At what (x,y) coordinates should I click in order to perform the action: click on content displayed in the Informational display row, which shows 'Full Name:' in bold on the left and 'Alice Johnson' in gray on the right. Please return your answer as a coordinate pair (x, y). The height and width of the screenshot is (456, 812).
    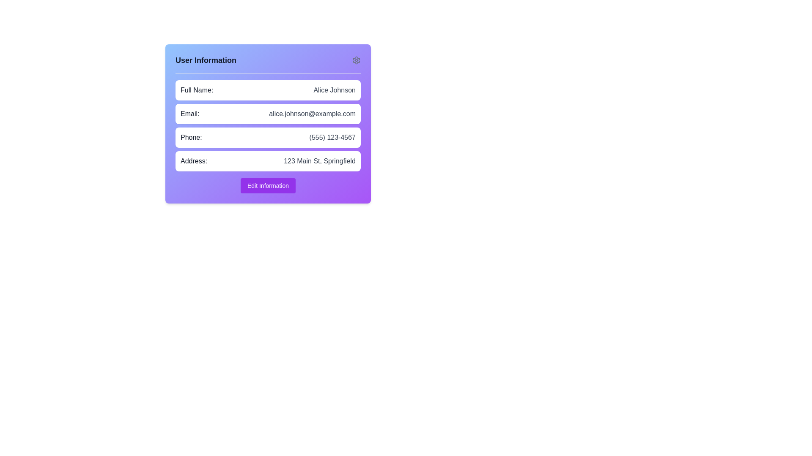
    Looking at the image, I should click on (267, 90).